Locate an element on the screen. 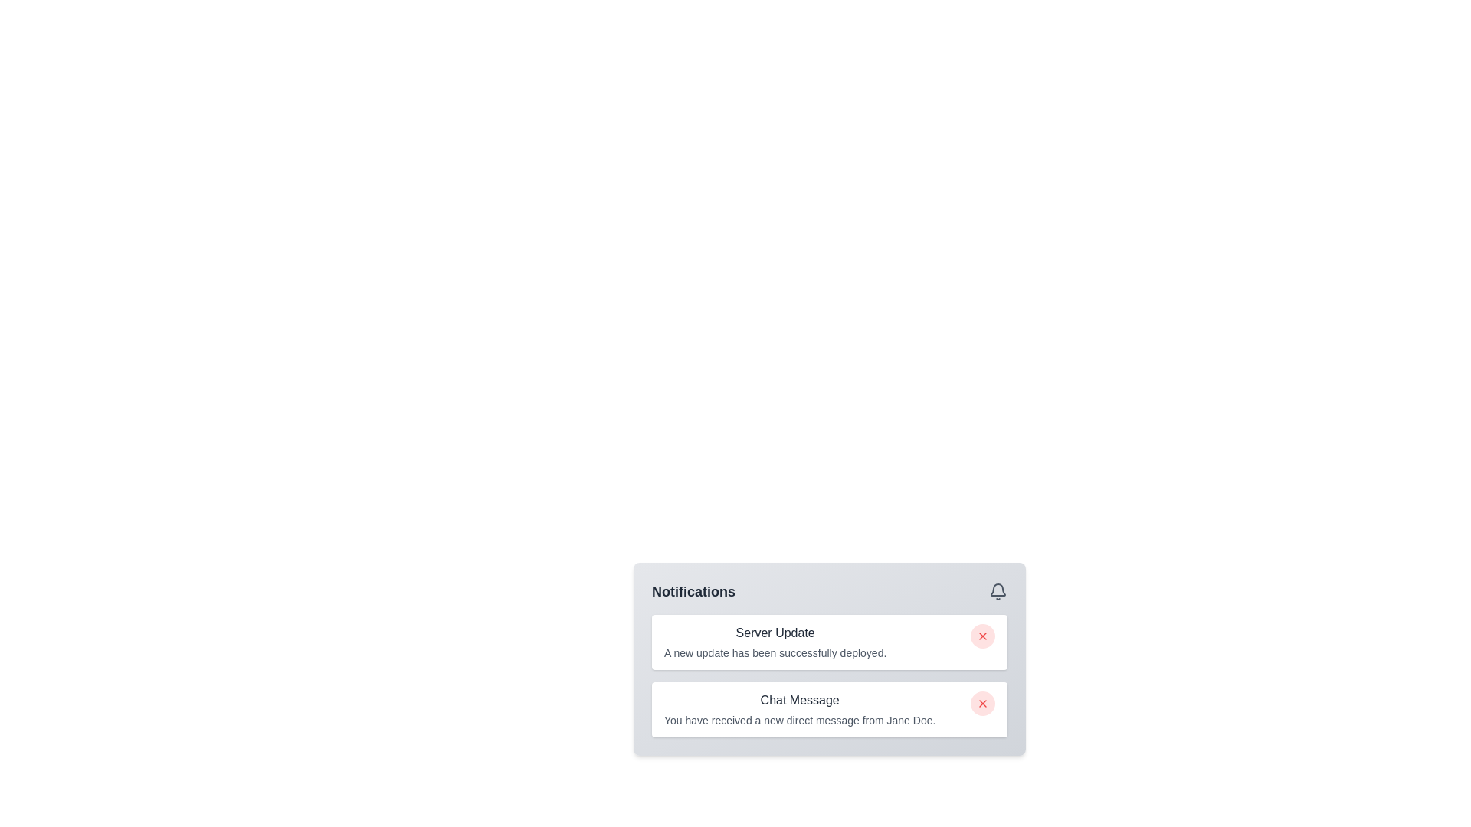 This screenshot has width=1471, height=827. the circular red 'X' button in the top-right corner of the 'Chat Message' notification is located at coordinates (982, 703).